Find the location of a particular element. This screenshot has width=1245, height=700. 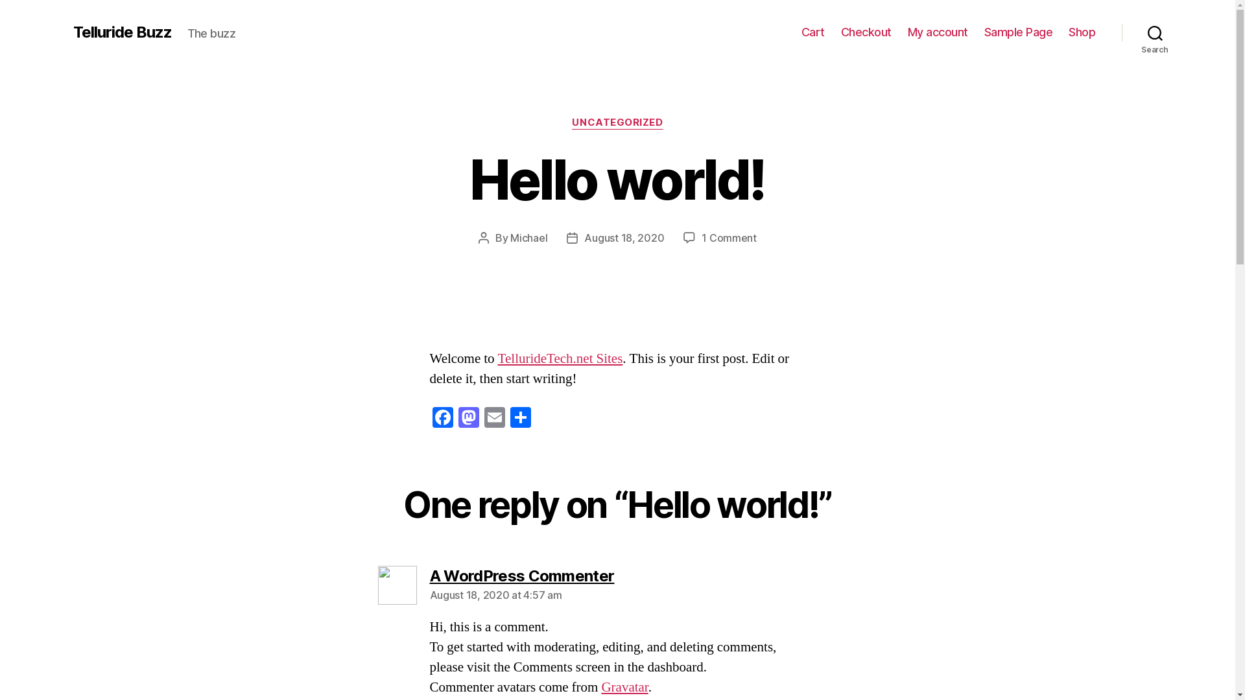

'Facebook' is located at coordinates (442, 419).